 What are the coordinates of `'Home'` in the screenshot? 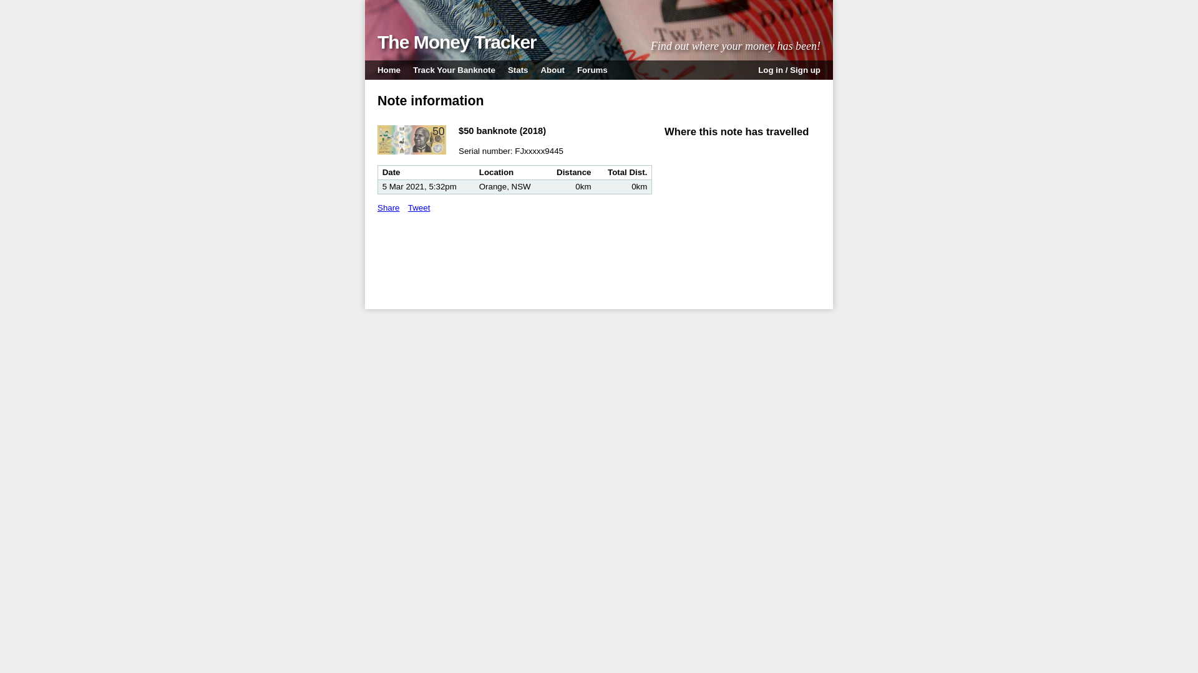 It's located at (388, 70).